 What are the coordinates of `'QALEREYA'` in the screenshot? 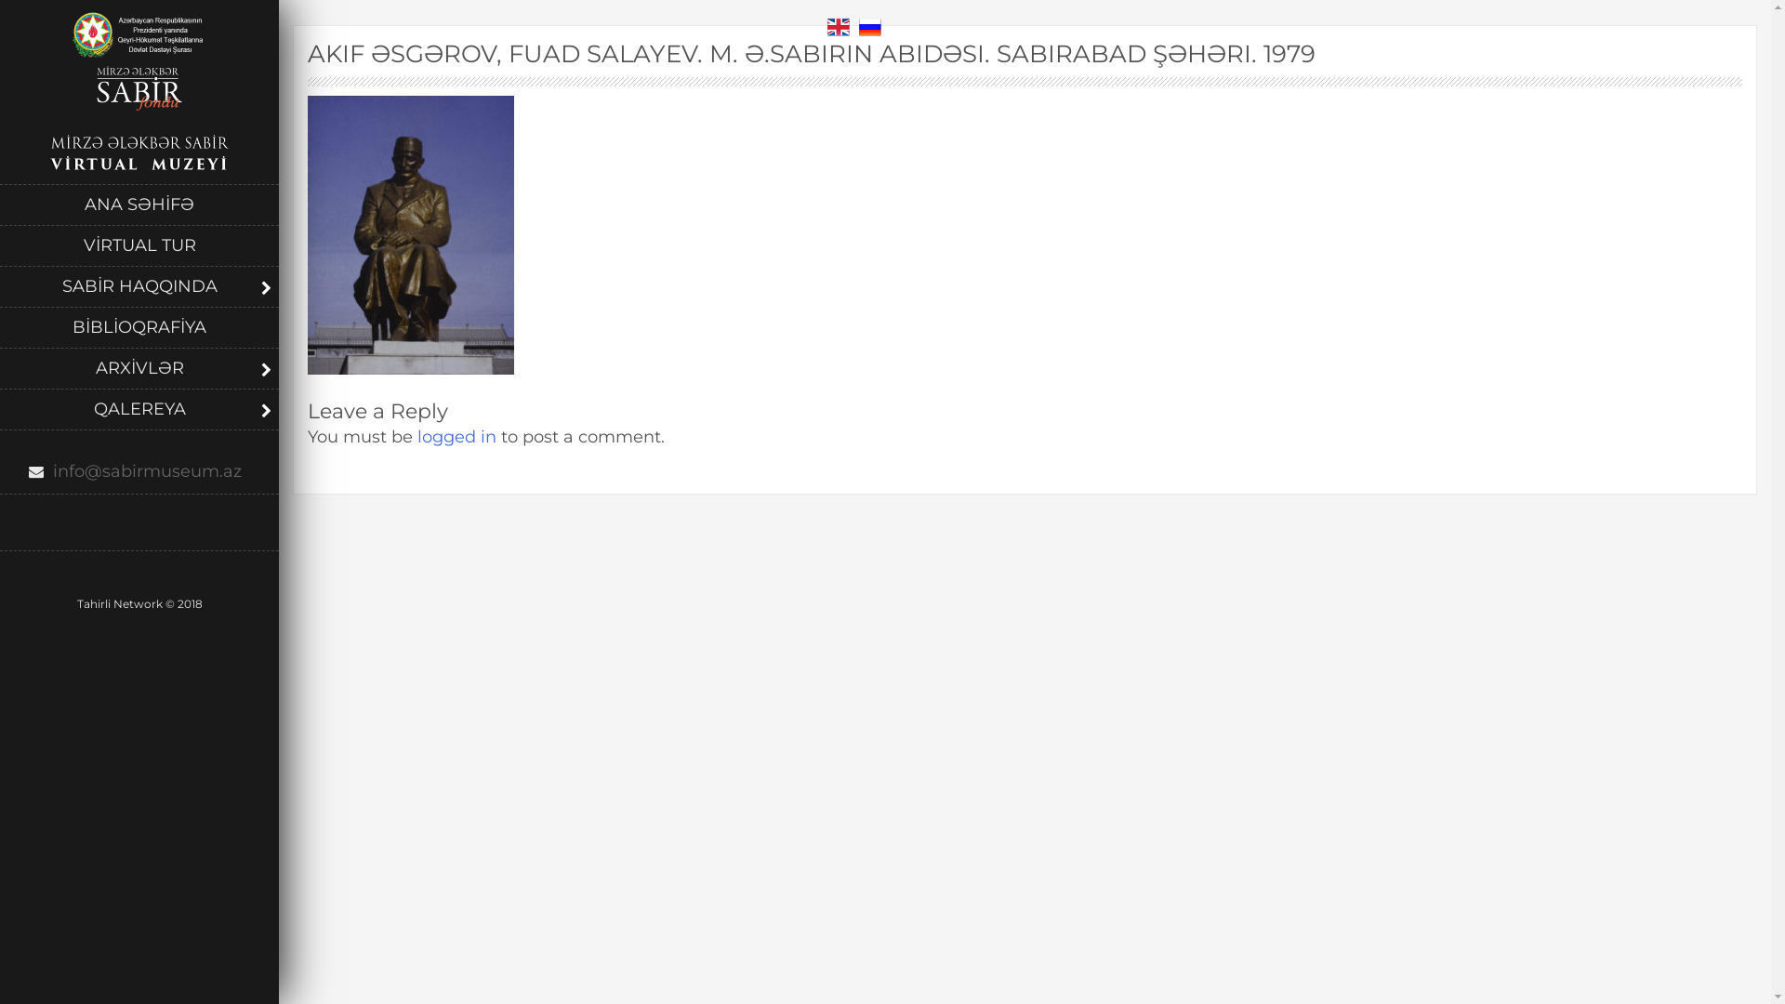 It's located at (138, 408).